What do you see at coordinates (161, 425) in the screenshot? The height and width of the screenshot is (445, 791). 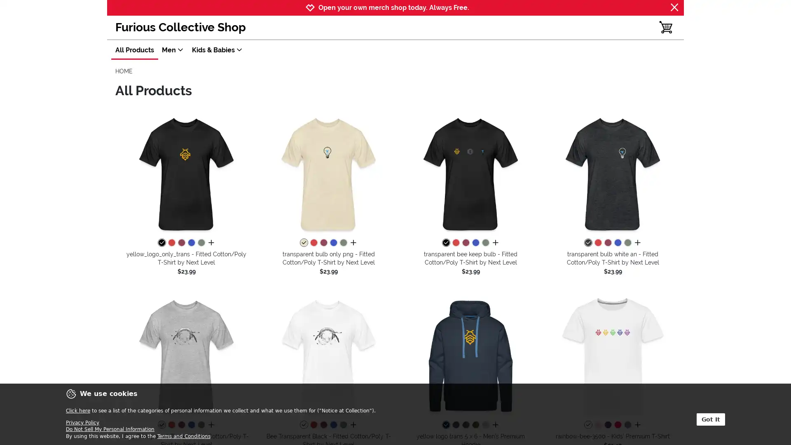 I see `heather gray` at bounding box center [161, 425].